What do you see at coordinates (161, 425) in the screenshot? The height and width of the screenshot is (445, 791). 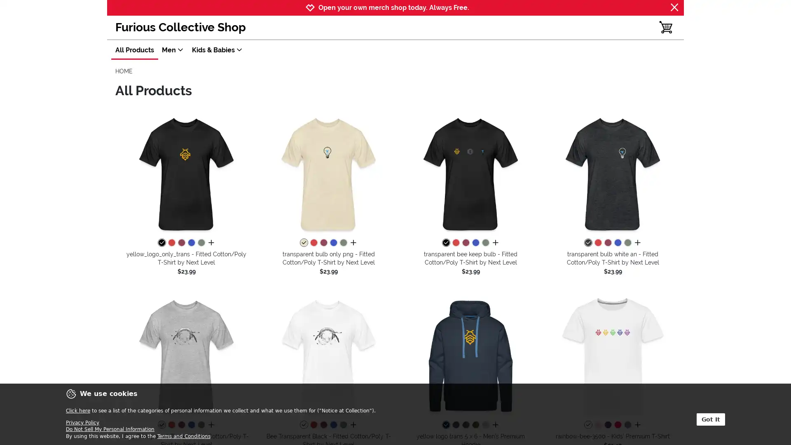 I see `heather gray` at bounding box center [161, 425].